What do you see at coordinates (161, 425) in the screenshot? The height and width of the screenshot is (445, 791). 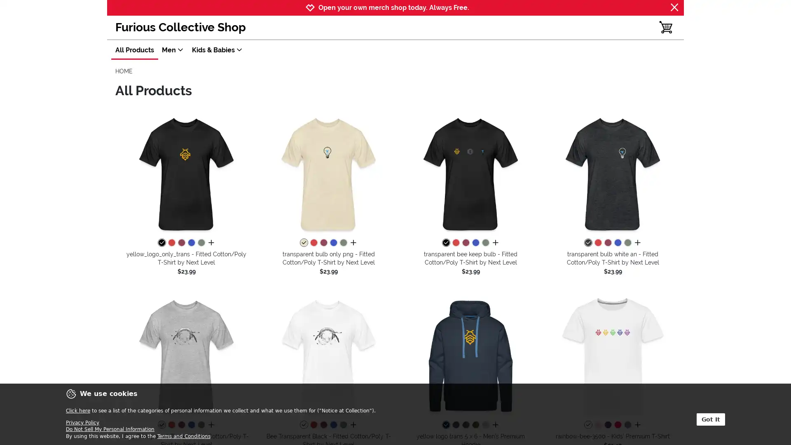 I see `heather gray` at bounding box center [161, 425].